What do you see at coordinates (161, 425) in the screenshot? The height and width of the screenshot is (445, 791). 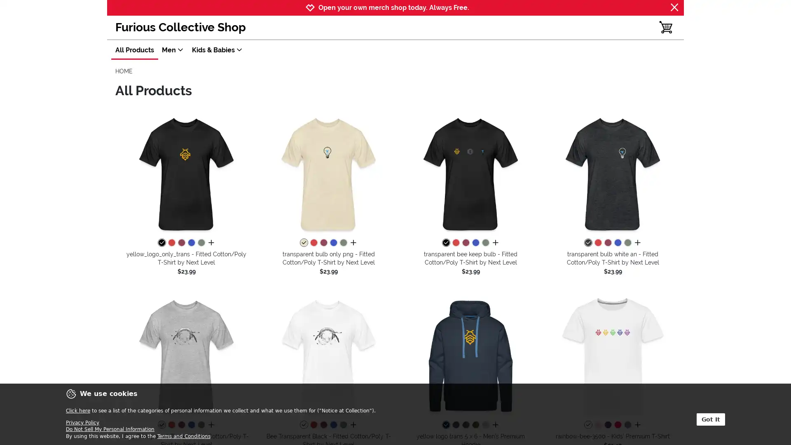 I see `heather gray` at bounding box center [161, 425].